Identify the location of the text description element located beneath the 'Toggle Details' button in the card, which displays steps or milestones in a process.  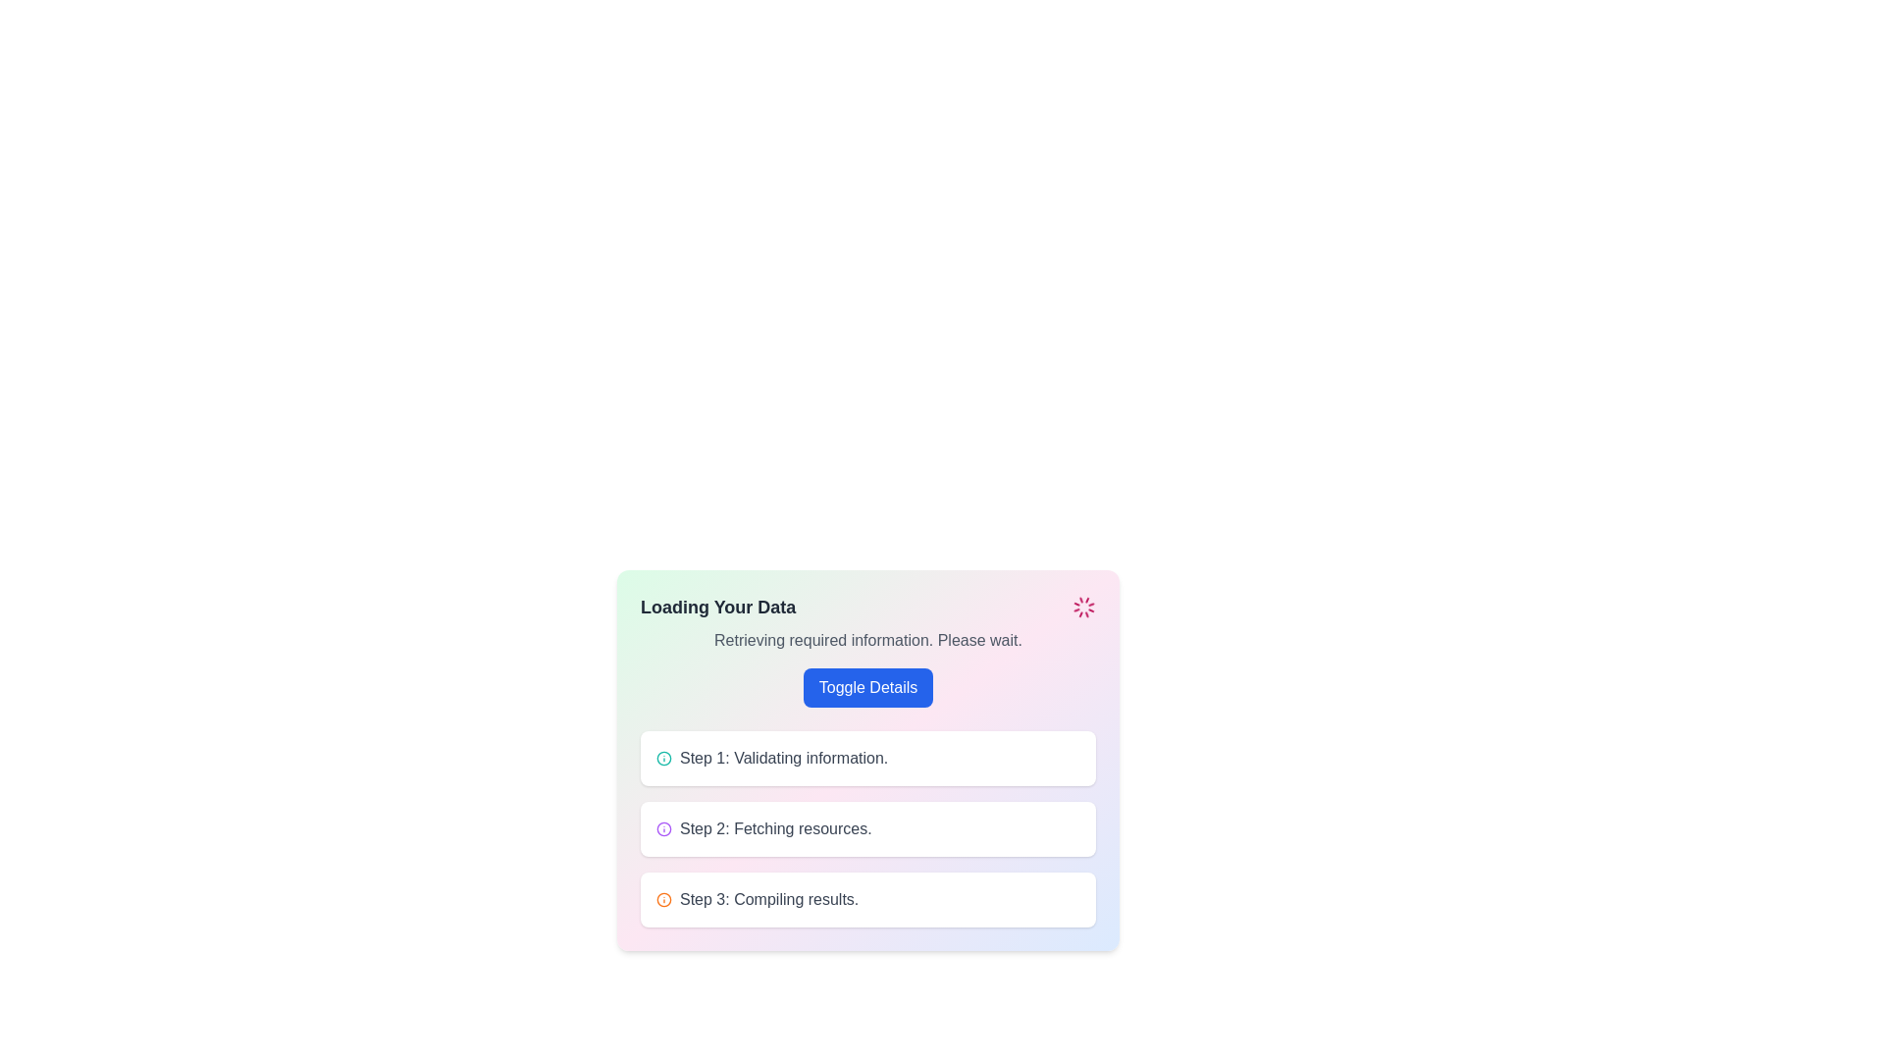
(866, 828).